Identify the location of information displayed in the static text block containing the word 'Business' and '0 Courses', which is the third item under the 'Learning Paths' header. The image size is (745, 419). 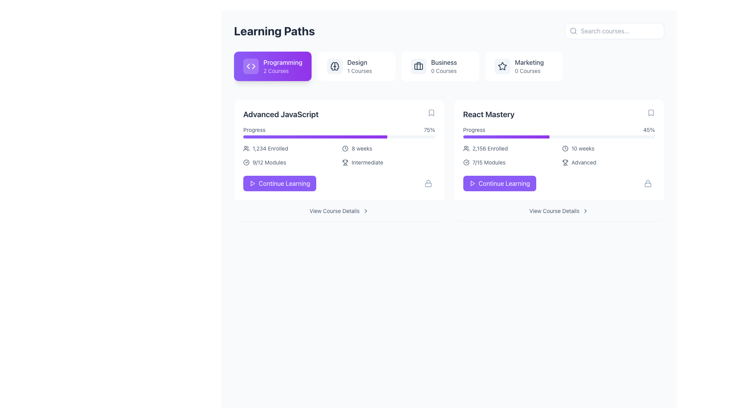
(444, 66).